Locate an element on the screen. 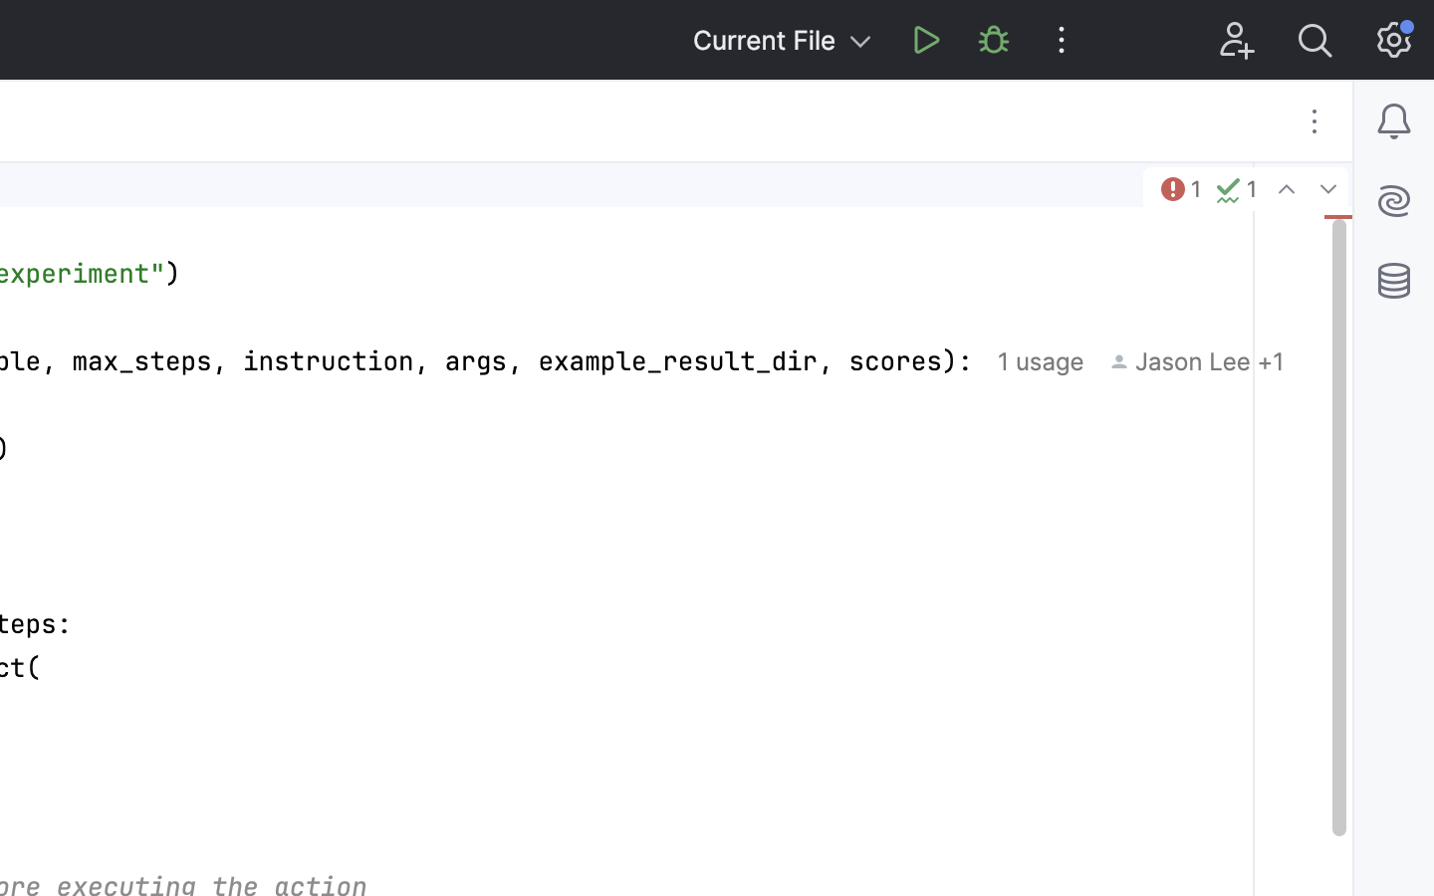 The height and width of the screenshot is (896, 1434). '1' is located at coordinates (1178, 188).